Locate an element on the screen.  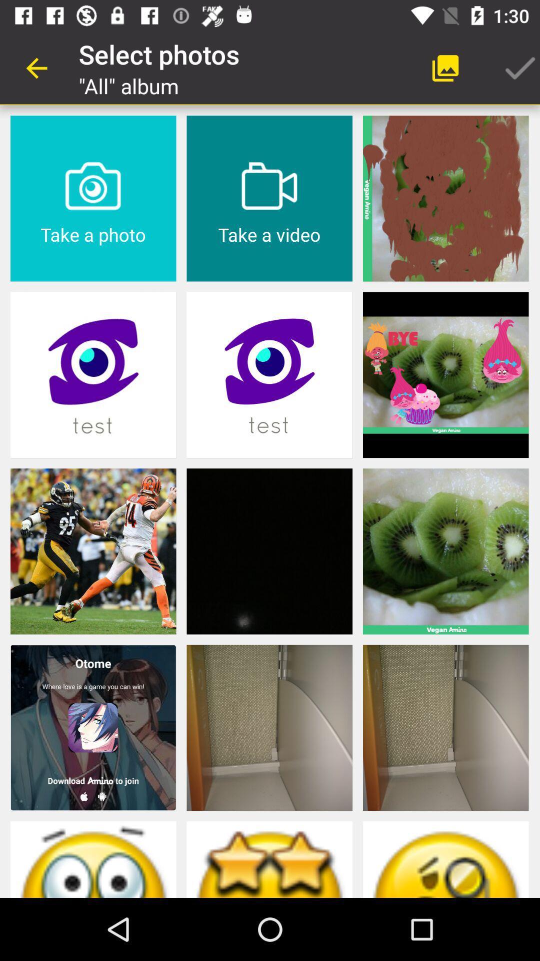
the item next to select photos app is located at coordinates (36, 68).